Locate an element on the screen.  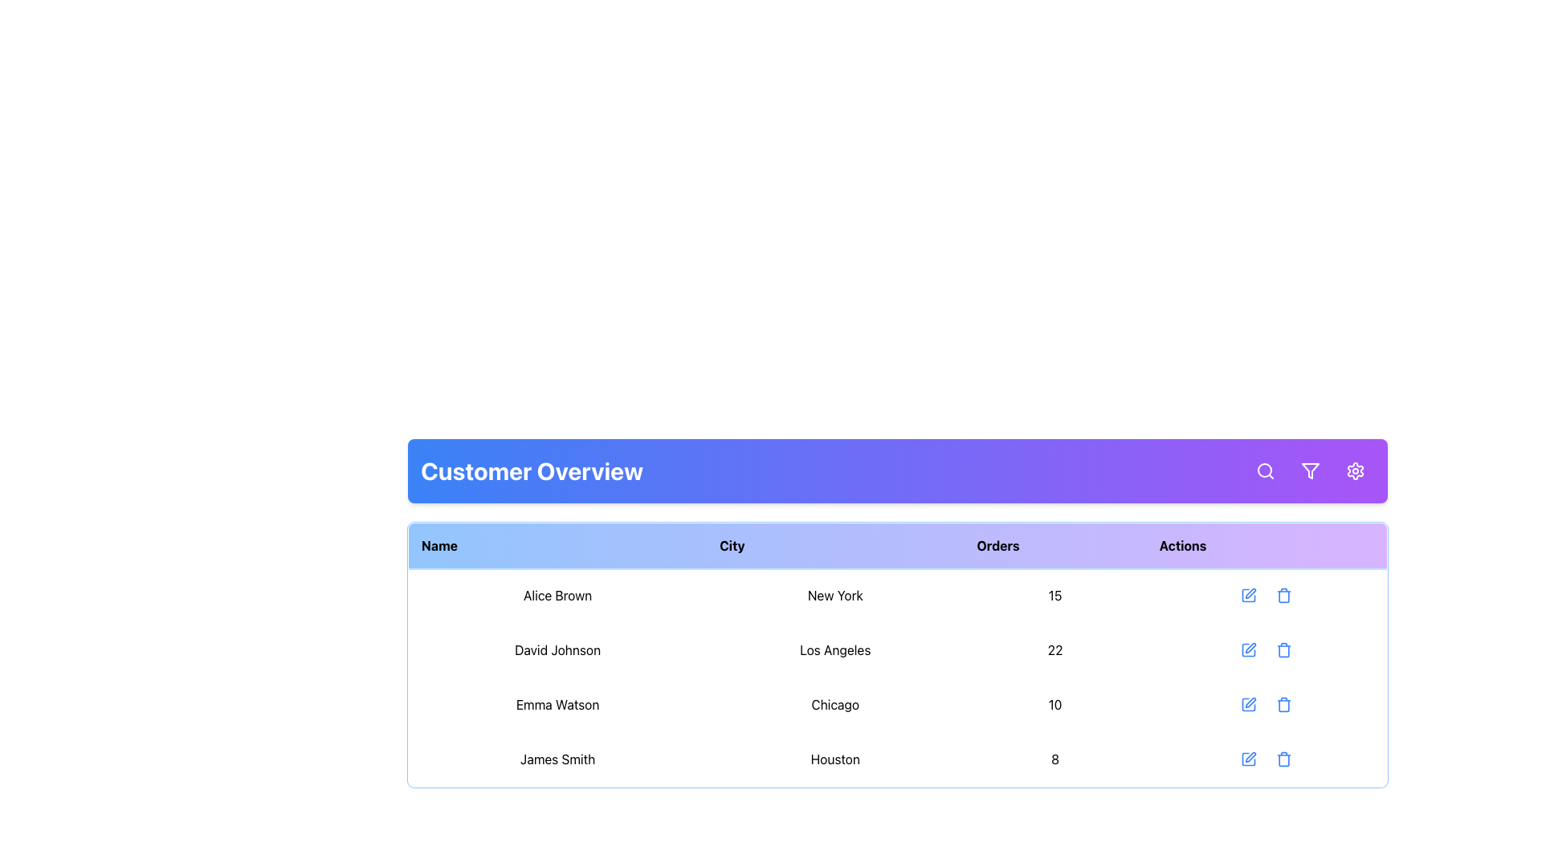
the circular filter button with a light purple background and a white filter icon in the shape of an inverted triangle is located at coordinates (1311, 470).